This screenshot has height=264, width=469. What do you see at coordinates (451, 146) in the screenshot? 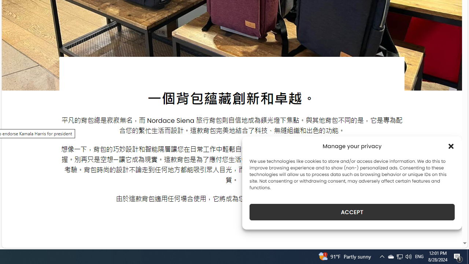
I see `'Class: cmplz-close'` at bounding box center [451, 146].